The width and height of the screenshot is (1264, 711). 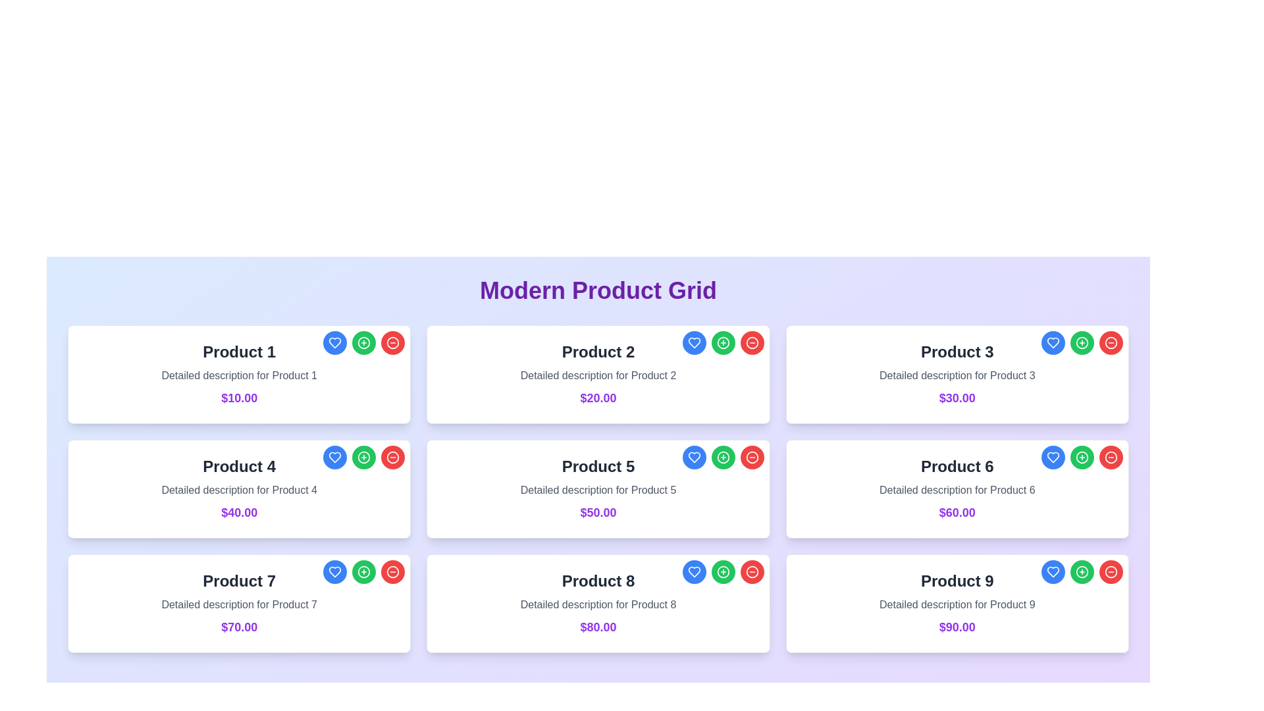 What do you see at coordinates (239, 490) in the screenshot?
I see `text label displaying 'Detailed description for Product 4', which is styled in subdued gray and positioned beneath the title 'Product 4' and above the price '$40.00'` at bounding box center [239, 490].